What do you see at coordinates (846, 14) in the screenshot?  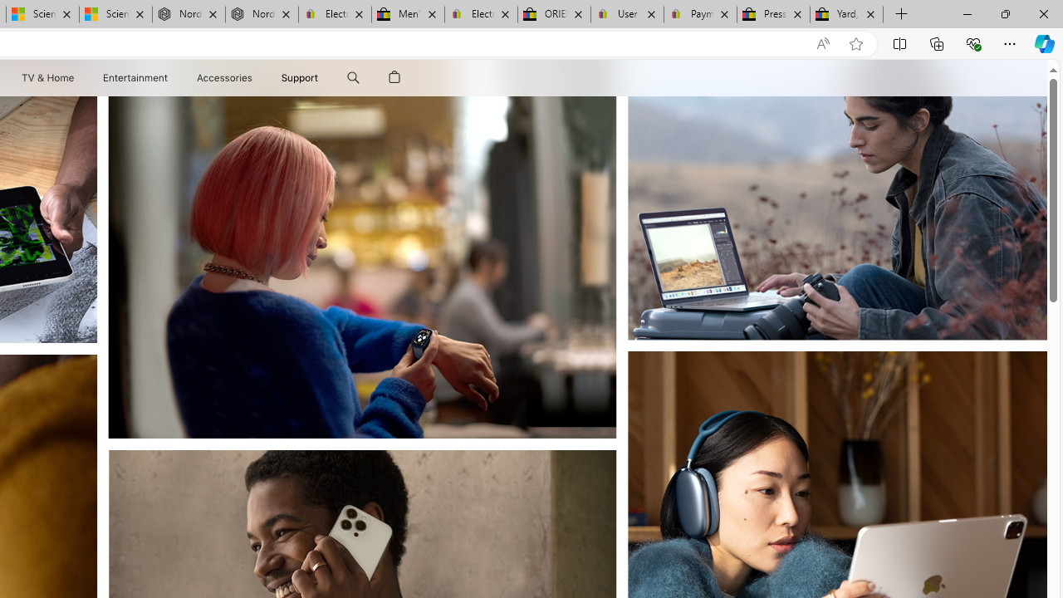 I see `'Yard, Garden & Outdoor Living'` at bounding box center [846, 14].